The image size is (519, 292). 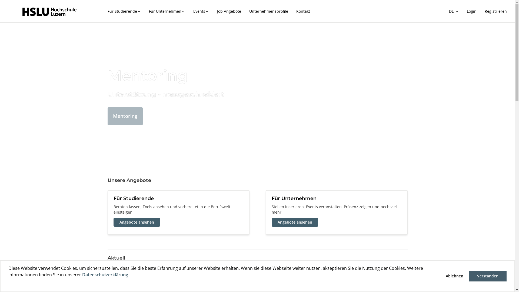 What do you see at coordinates (292, 11) in the screenshot?
I see `'Kontakt'` at bounding box center [292, 11].